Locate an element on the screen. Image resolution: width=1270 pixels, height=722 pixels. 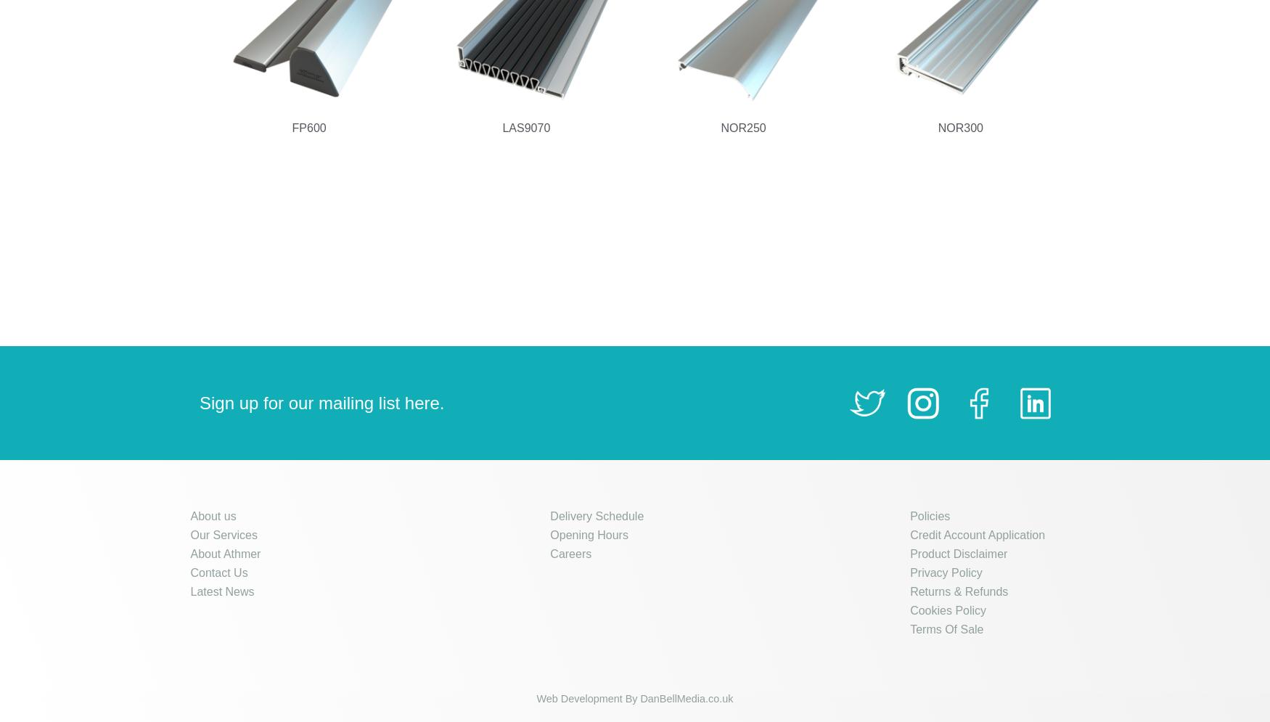
'NOR300' is located at coordinates (960, 128).